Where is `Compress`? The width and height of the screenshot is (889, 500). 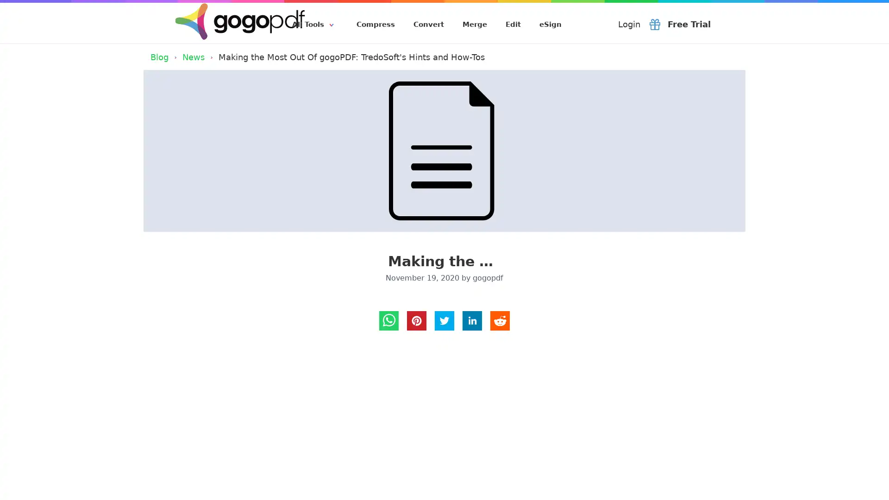
Compress is located at coordinates (376, 24).